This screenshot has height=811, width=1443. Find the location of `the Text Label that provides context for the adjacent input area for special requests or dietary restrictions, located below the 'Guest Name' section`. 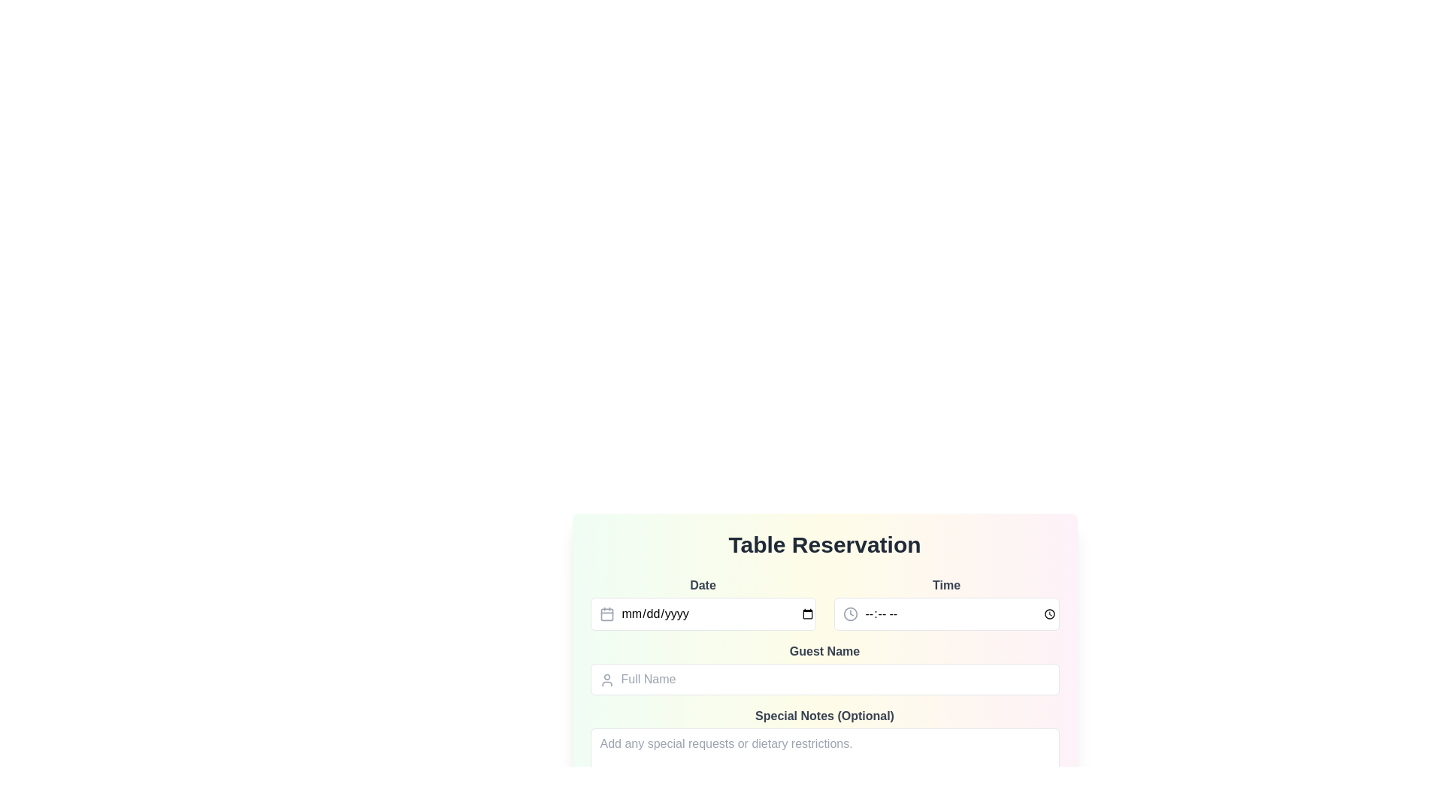

the Text Label that provides context for the adjacent input area for special requests or dietary restrictions, located below the 'Guest Name' section is located at coordinates (824, 715).